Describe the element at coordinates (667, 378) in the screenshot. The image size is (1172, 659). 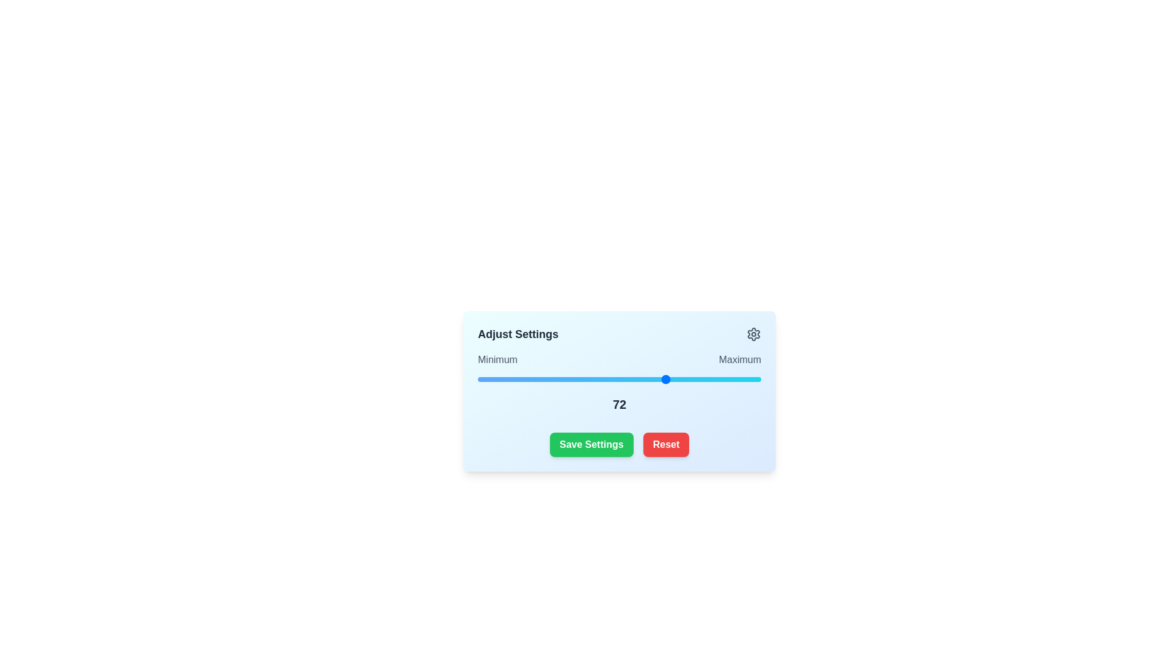
I see `the slider to set its value to 72` at that location.